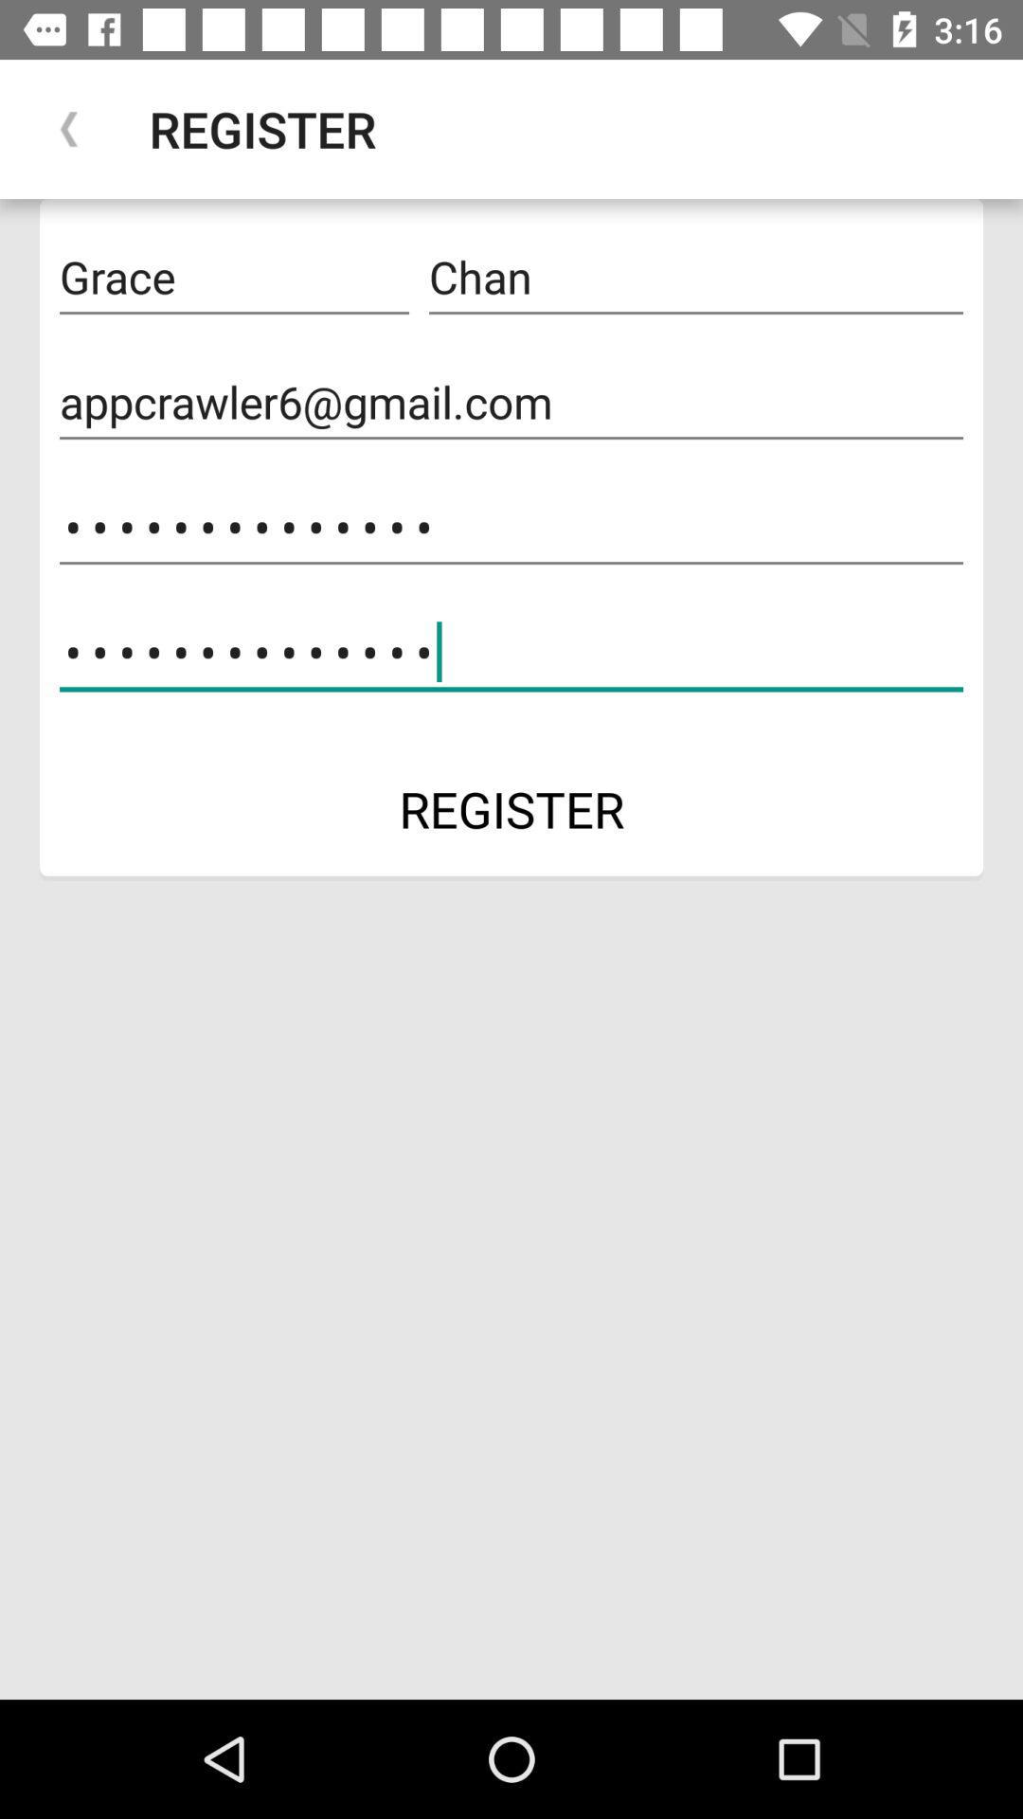 The image size is (1023, 1819). What do you see at coordinates (511, 402) in the screenshot?
I see `icon above appcrawler3116 icon` at bounding box center [511, 402].